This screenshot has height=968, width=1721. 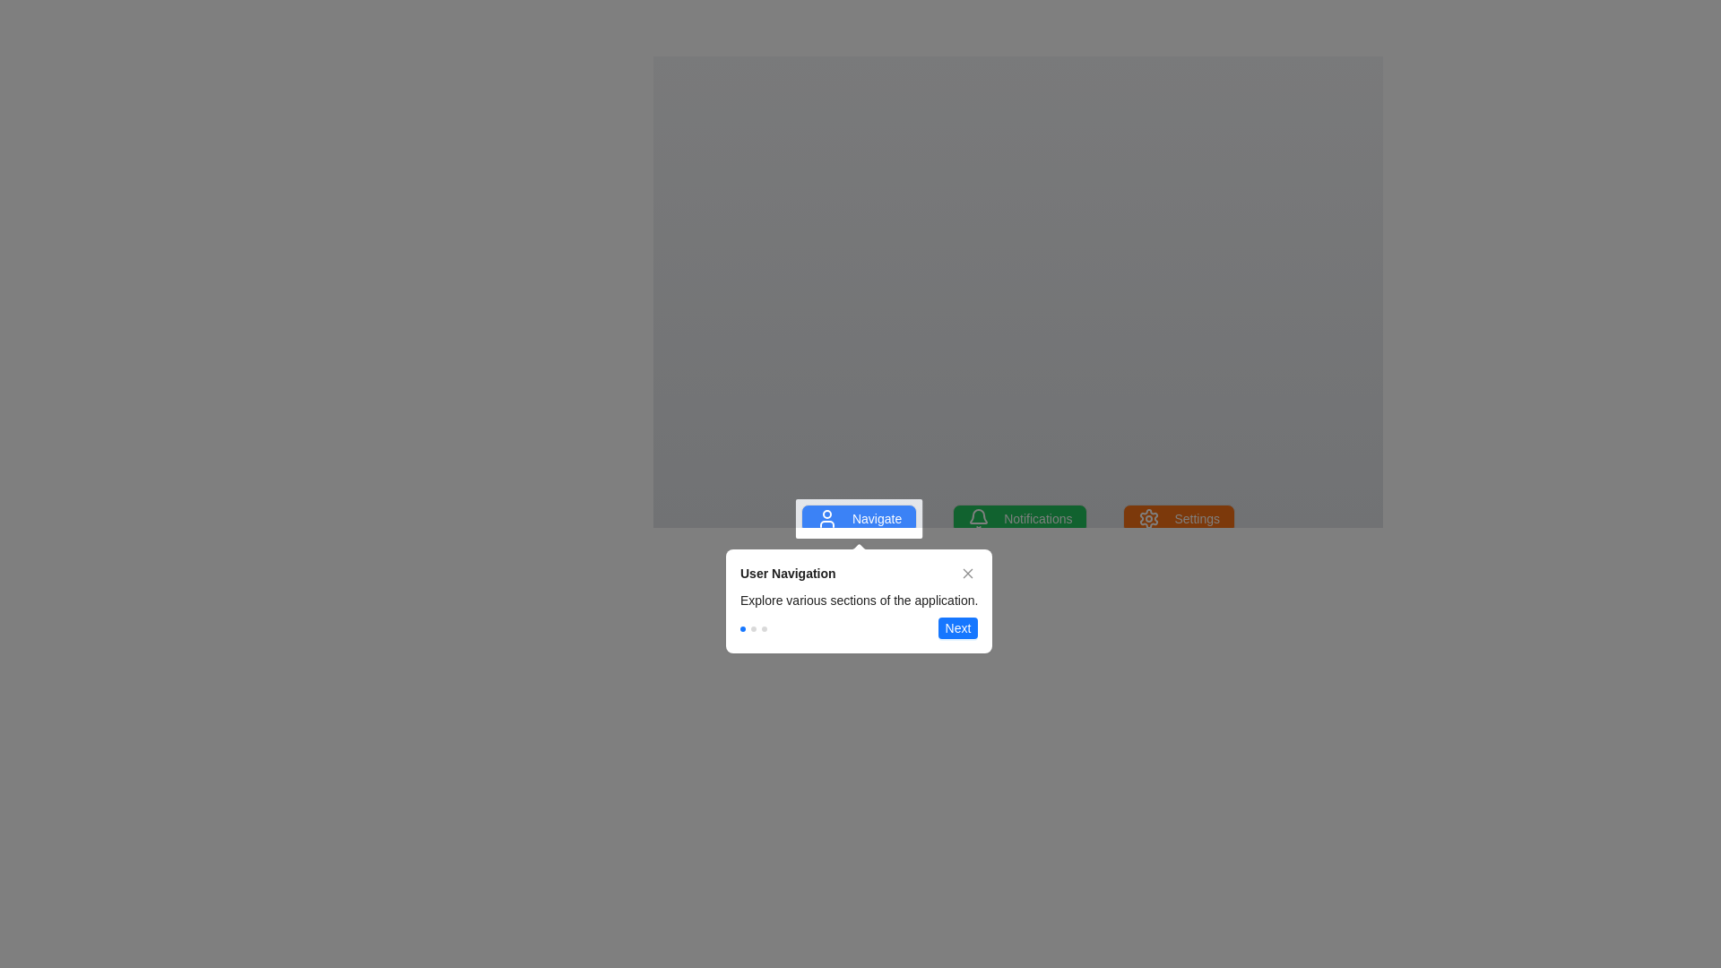 What do you see at coordinates (1149, 518) in the screenshot?
I see `the settings icon located on the far right of the toolbar, adjacent to the 'Notifications' icon` at bounding box center [1149, 518].